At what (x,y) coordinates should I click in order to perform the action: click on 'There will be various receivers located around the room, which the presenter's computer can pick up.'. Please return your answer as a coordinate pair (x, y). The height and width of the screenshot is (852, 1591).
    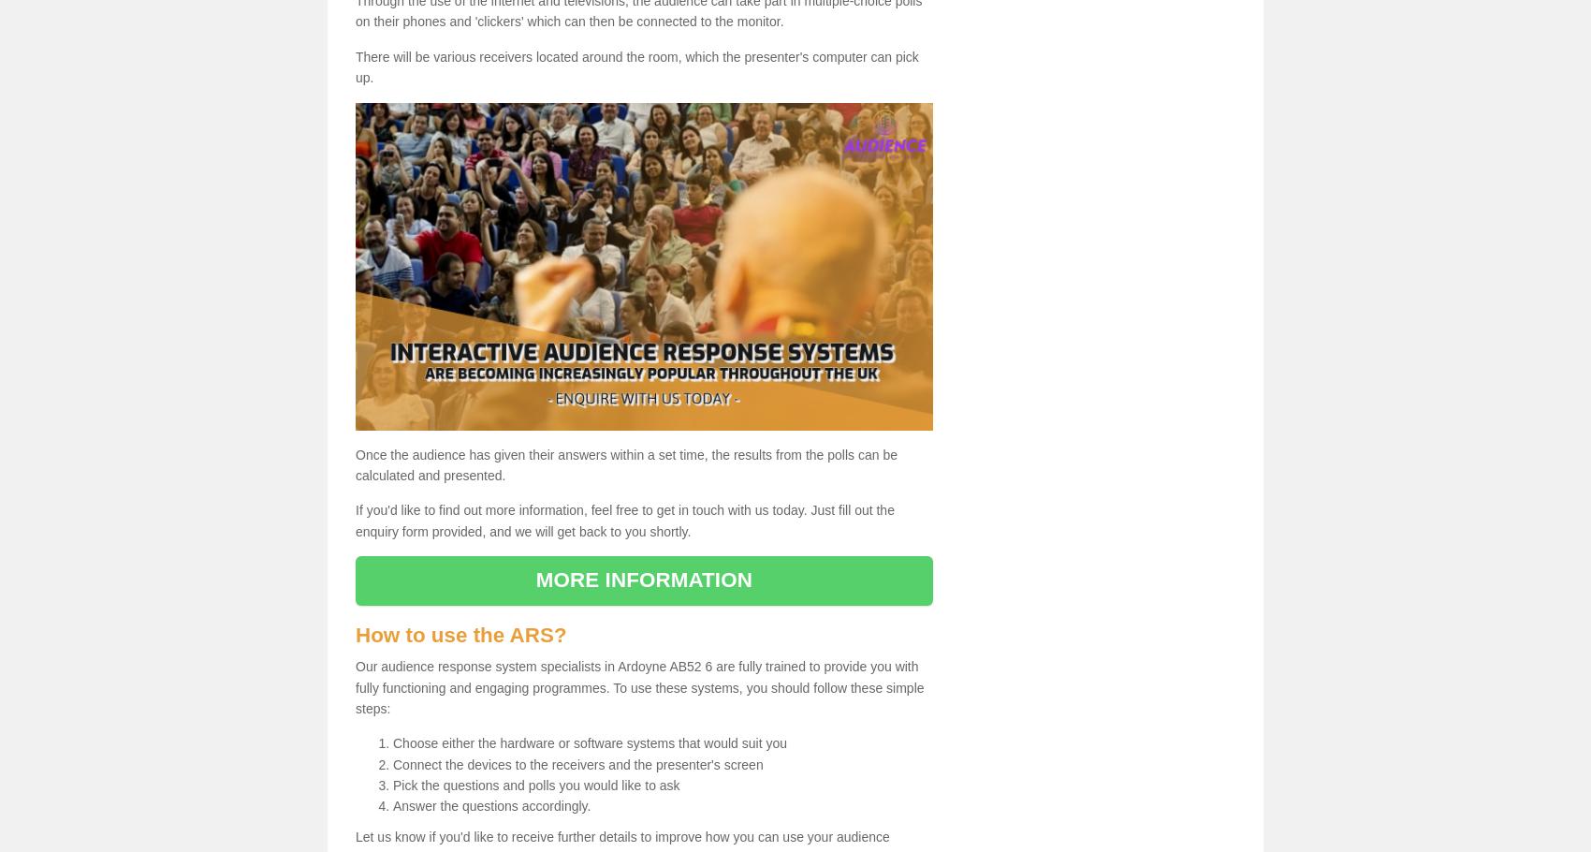
    Looking at the image, I should click on (636, 66).